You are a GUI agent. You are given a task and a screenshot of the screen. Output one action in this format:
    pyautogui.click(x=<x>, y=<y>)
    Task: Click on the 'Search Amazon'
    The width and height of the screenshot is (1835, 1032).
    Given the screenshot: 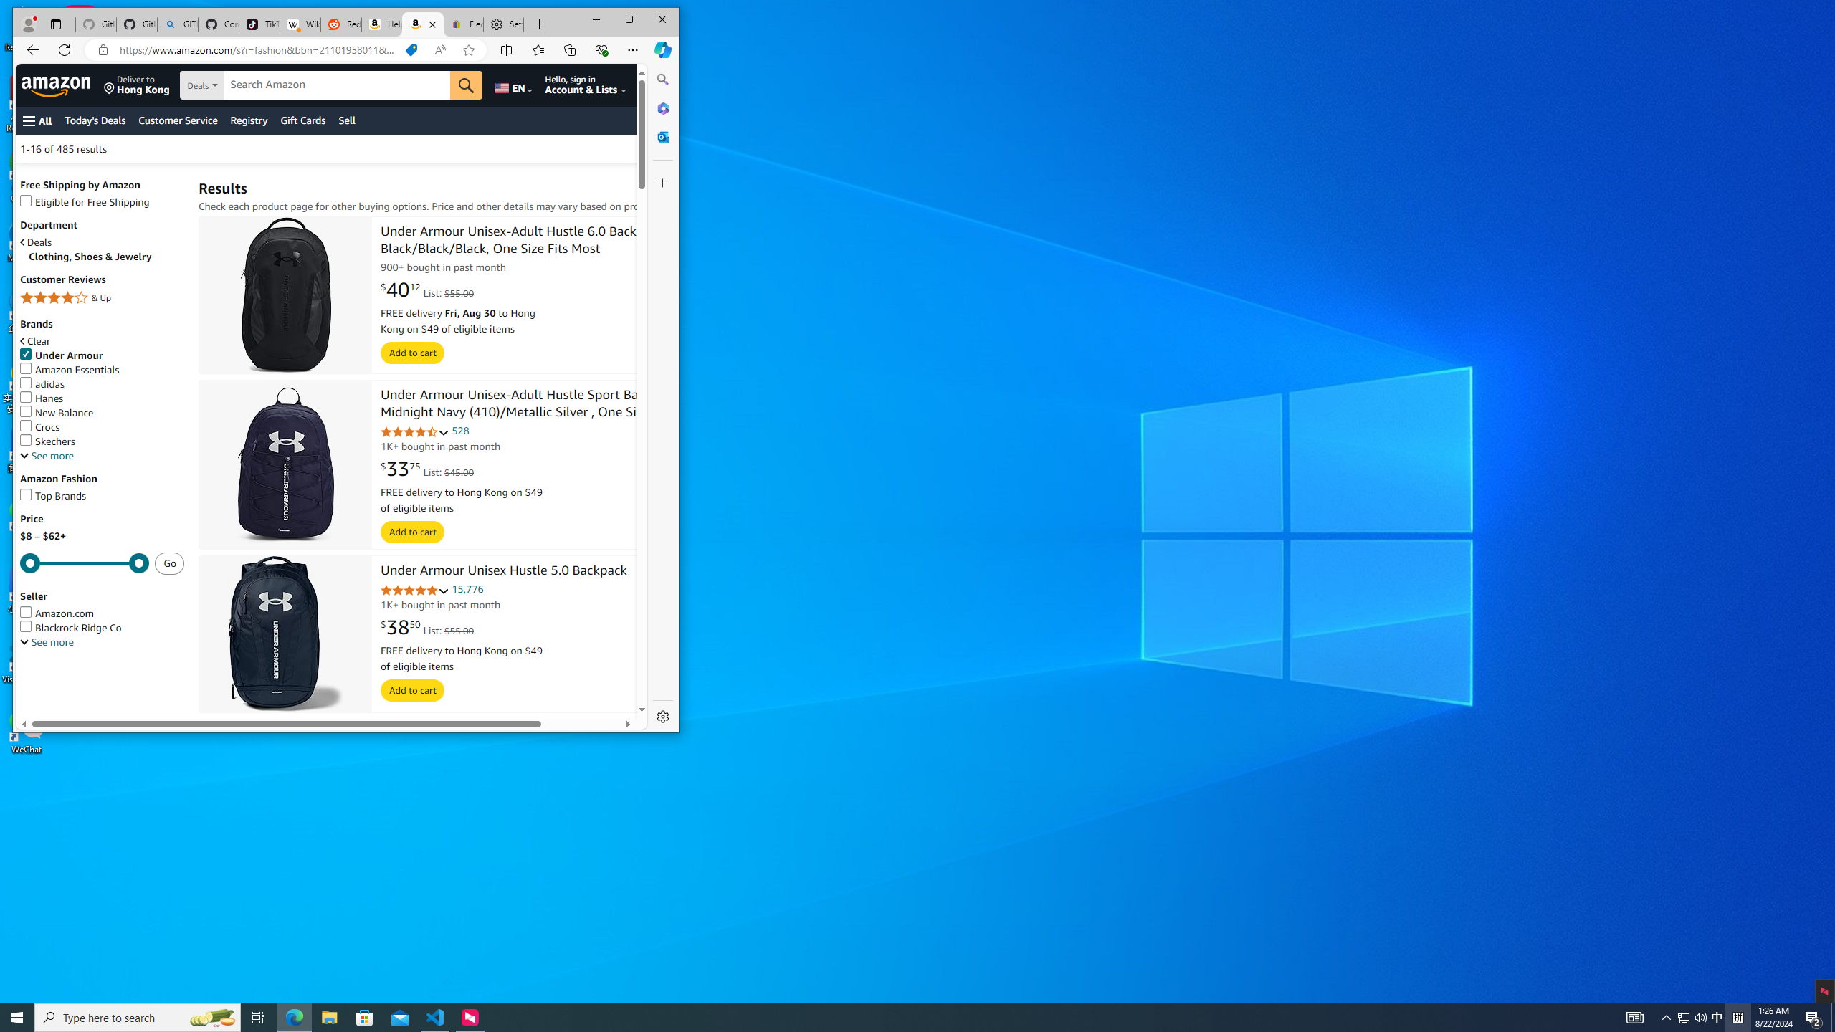 What is the action you would take?
    pyautogui.click(x=337, y=85)
    